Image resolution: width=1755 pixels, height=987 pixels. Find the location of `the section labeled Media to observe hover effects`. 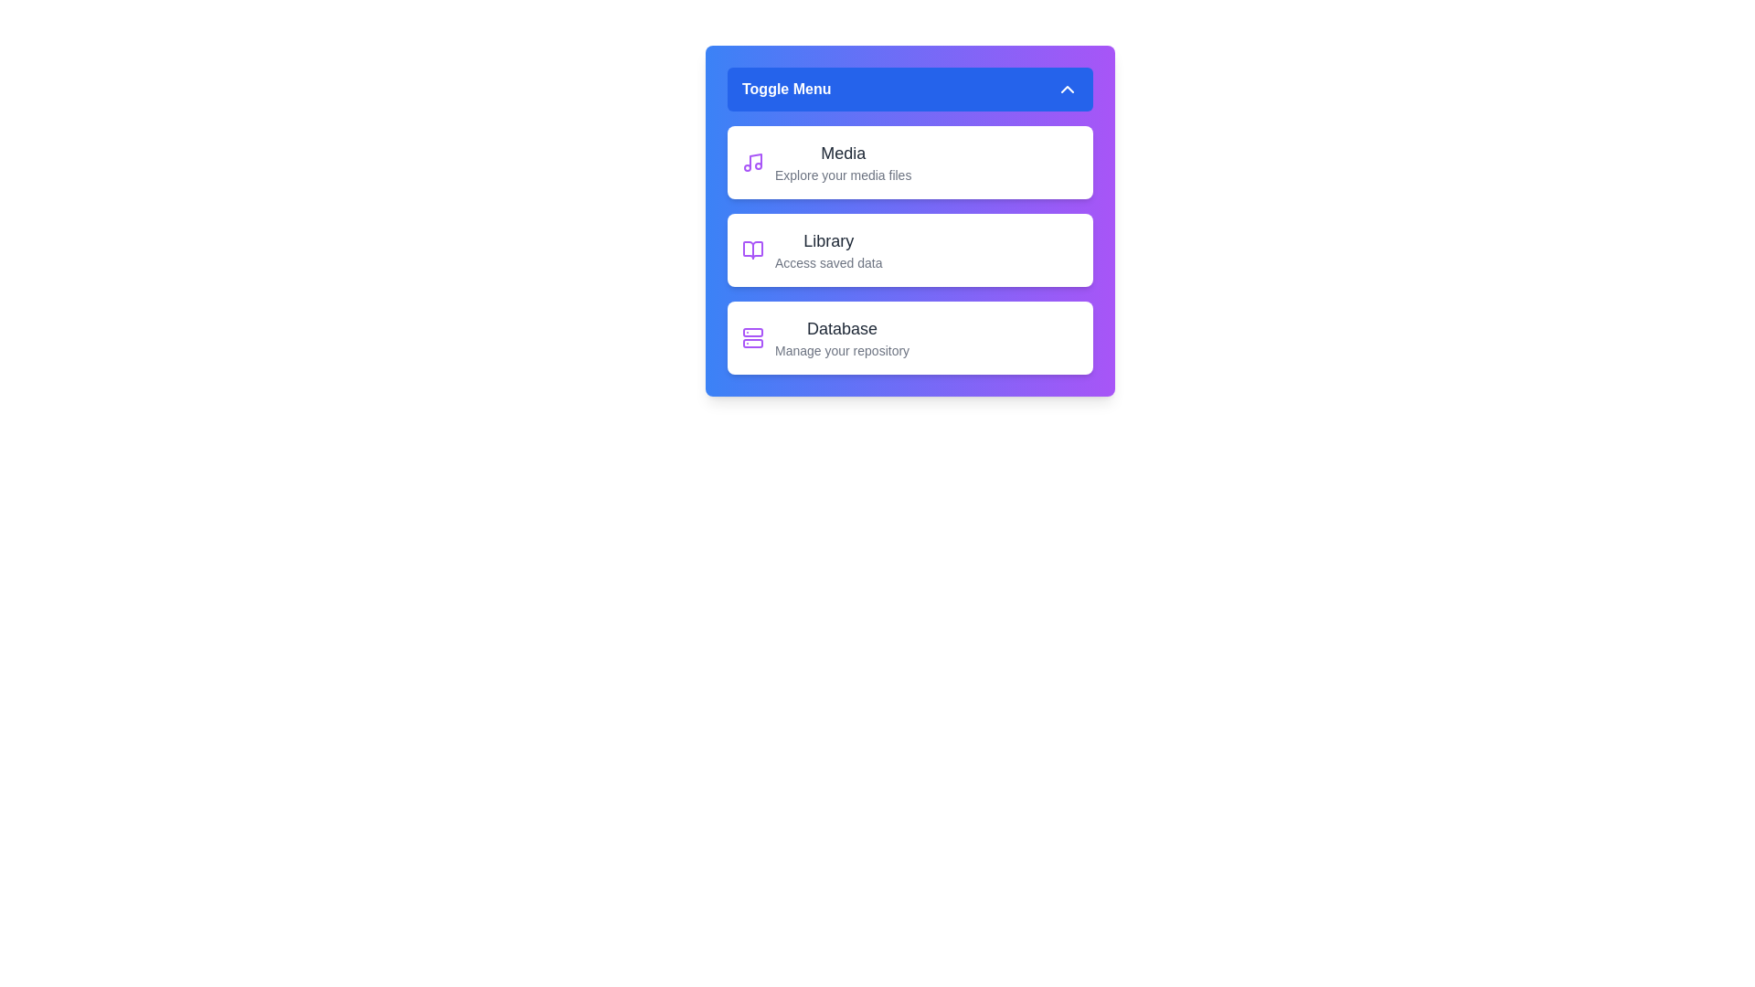

the section labeled Media to observe hover effects is located at coordinates (910, 161).